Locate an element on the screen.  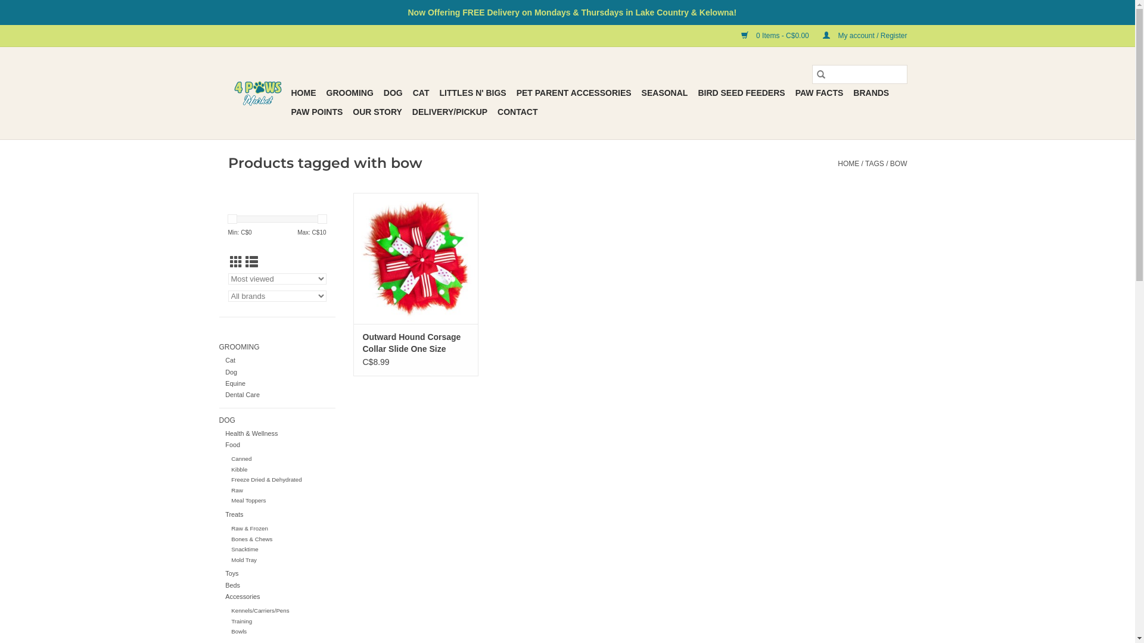
'BRANDS' is located at coordinates (848, 92).